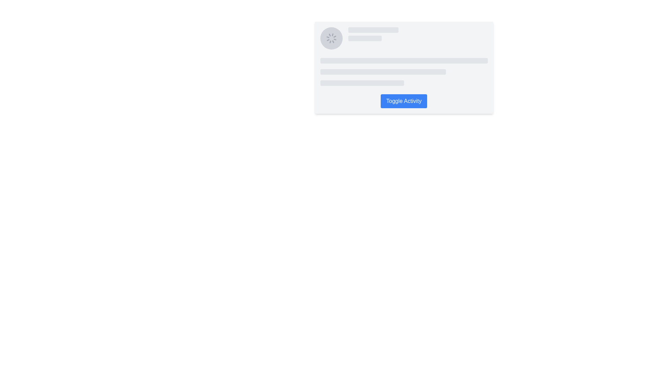  Describe the element at coordinates (404, 60) in the screenshot. I see `the topmost placeholder bar, which is a thin, horizontally elongated bar with a light gray background, positioned above two similar bars` at that location.